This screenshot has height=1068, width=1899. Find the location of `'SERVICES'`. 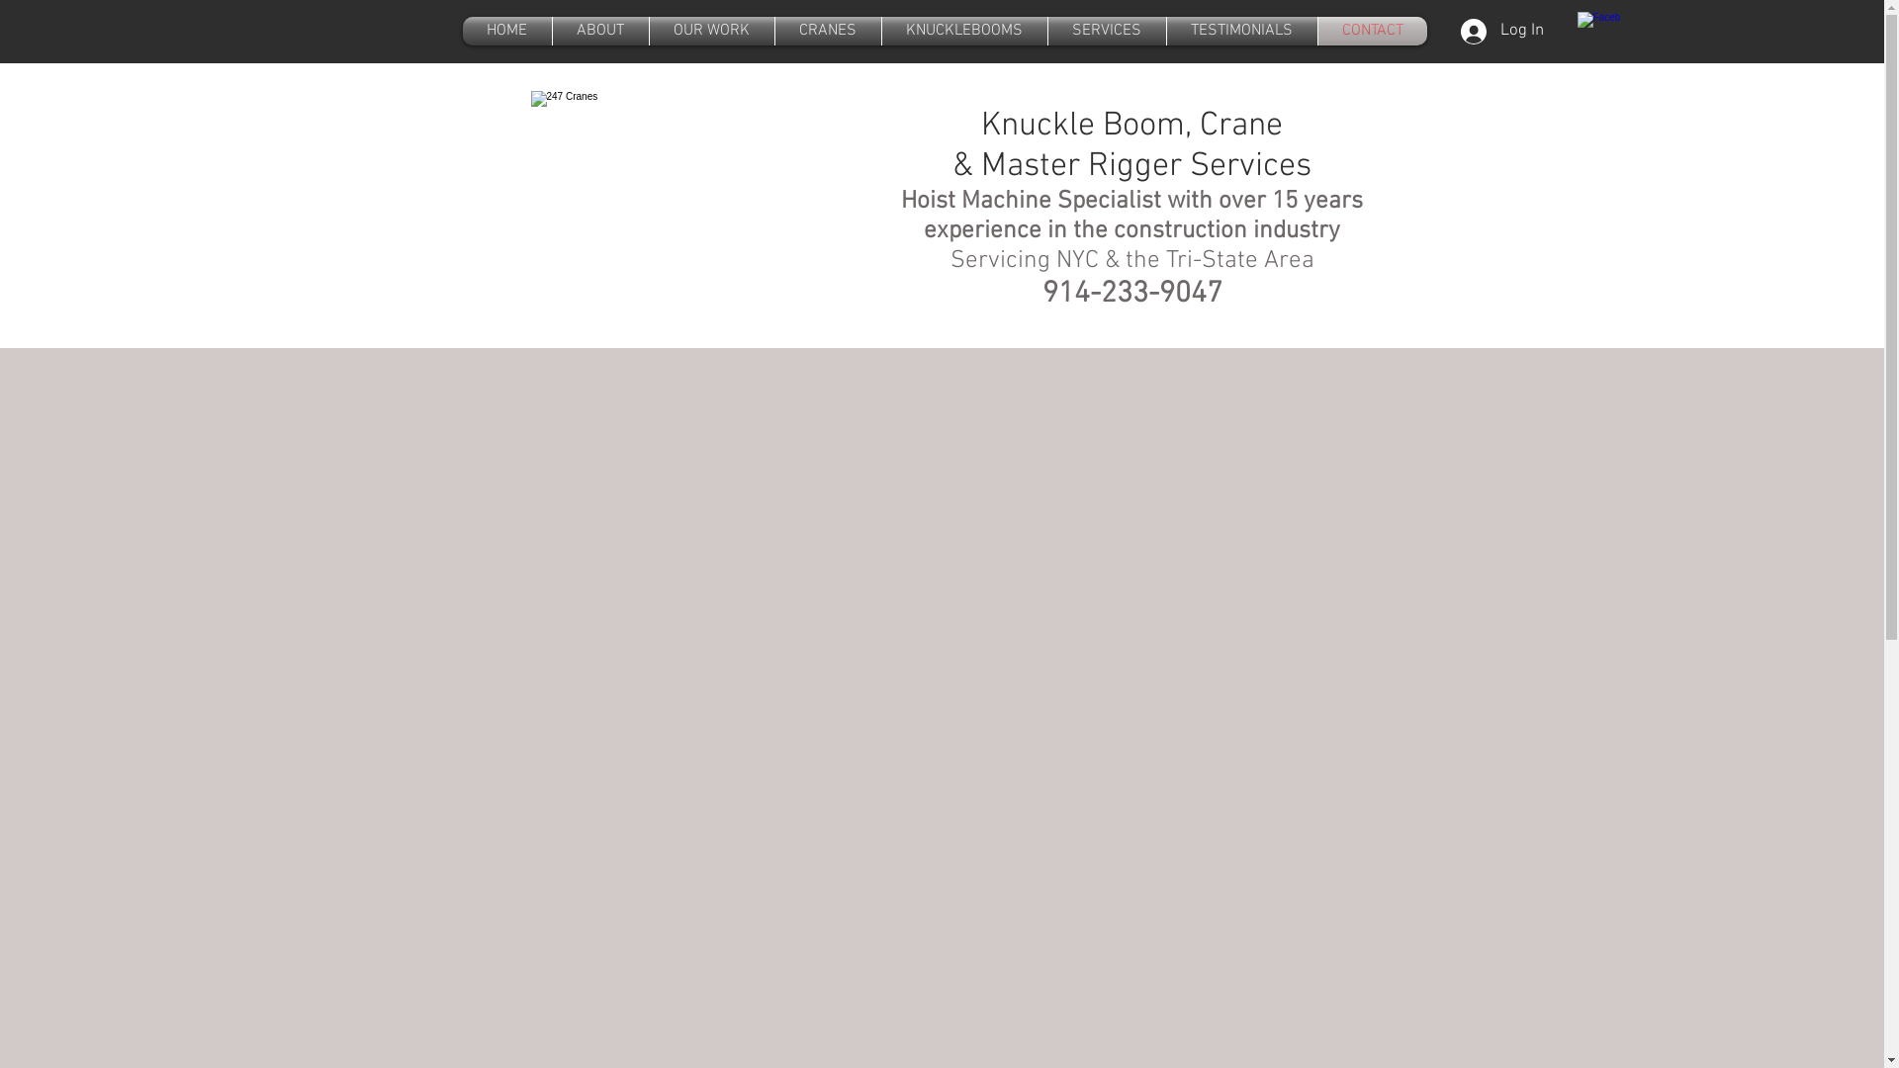

'SERVICES' is located at coordinates (1106, 31).